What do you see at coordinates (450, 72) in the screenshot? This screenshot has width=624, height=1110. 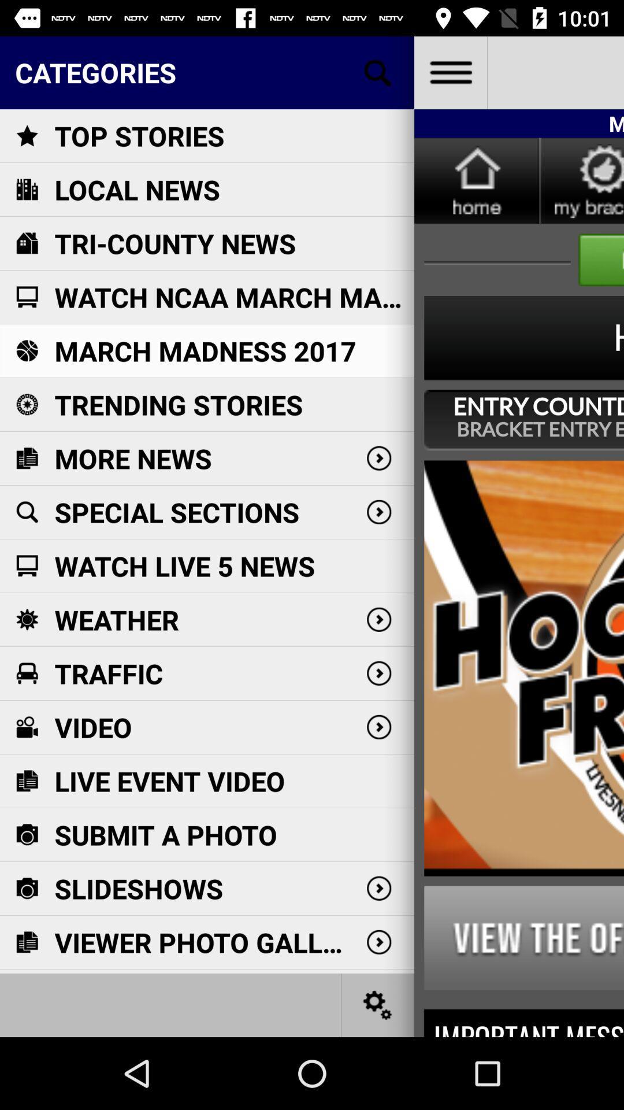 I see `the menu icon` at bounding box center [450, 72].